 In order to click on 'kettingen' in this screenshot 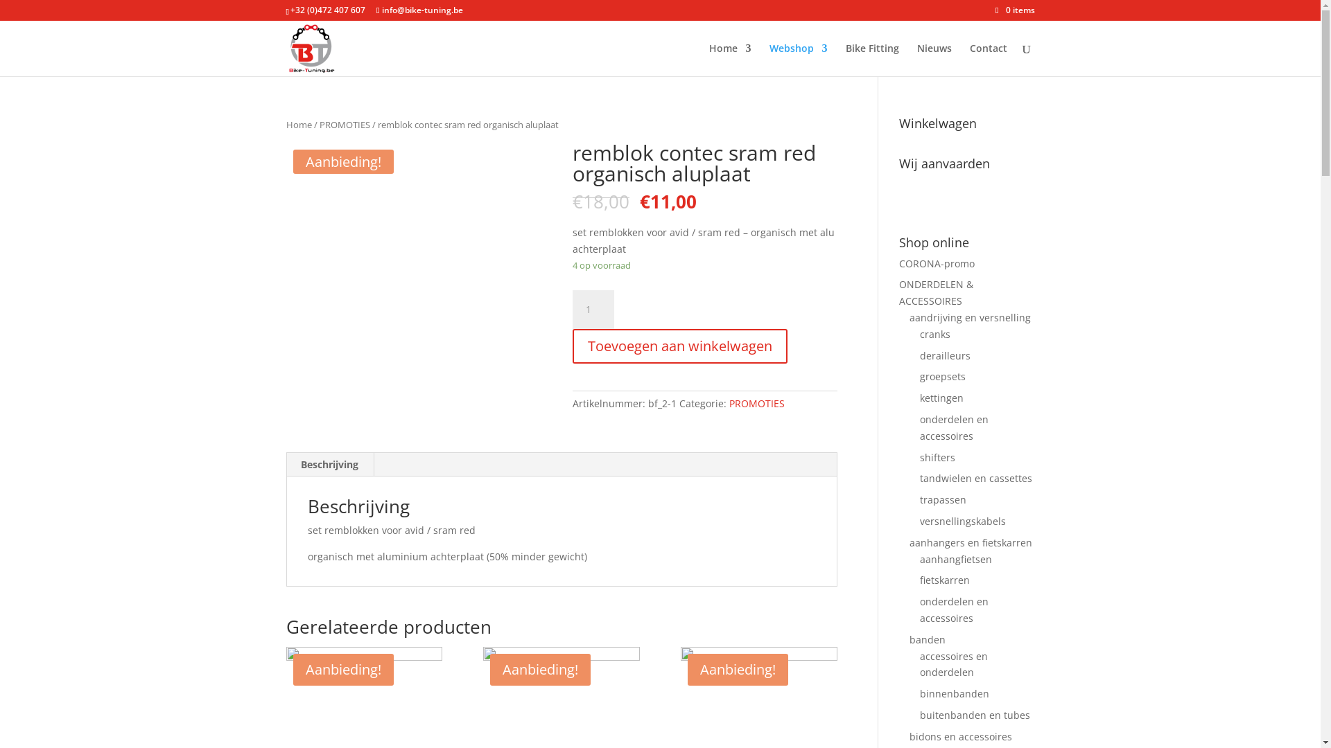, I will do `click(941, 398)`.